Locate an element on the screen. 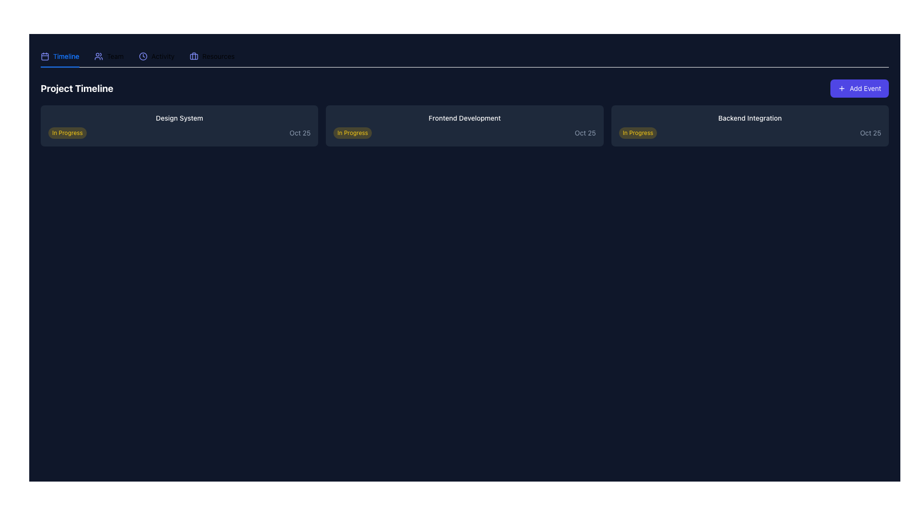  the button containing the SVG-based icon in the top right corner before the 'Add Event' text is located at coordinates (841, 89).